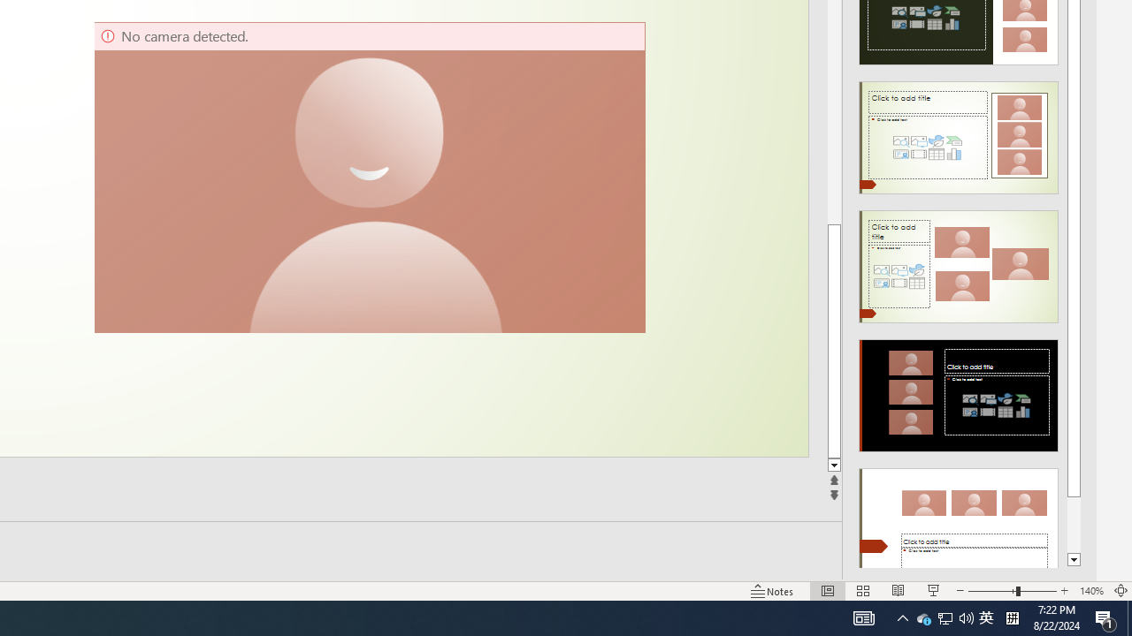  Describe the element at coordinates (368, 177) in the screenshot. I see `'Camera 4, No camera detected.'` at that location.